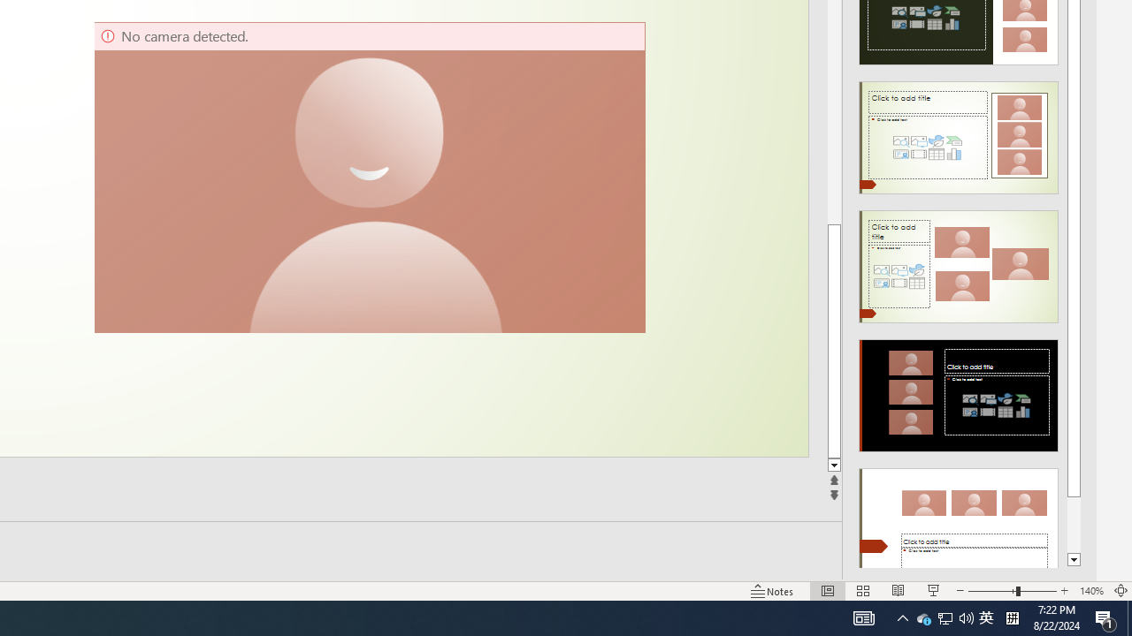  Describe the element at coordinates (368, 177) in the screenshot. I see `'Camera 4, No camera detected.'` at that location.